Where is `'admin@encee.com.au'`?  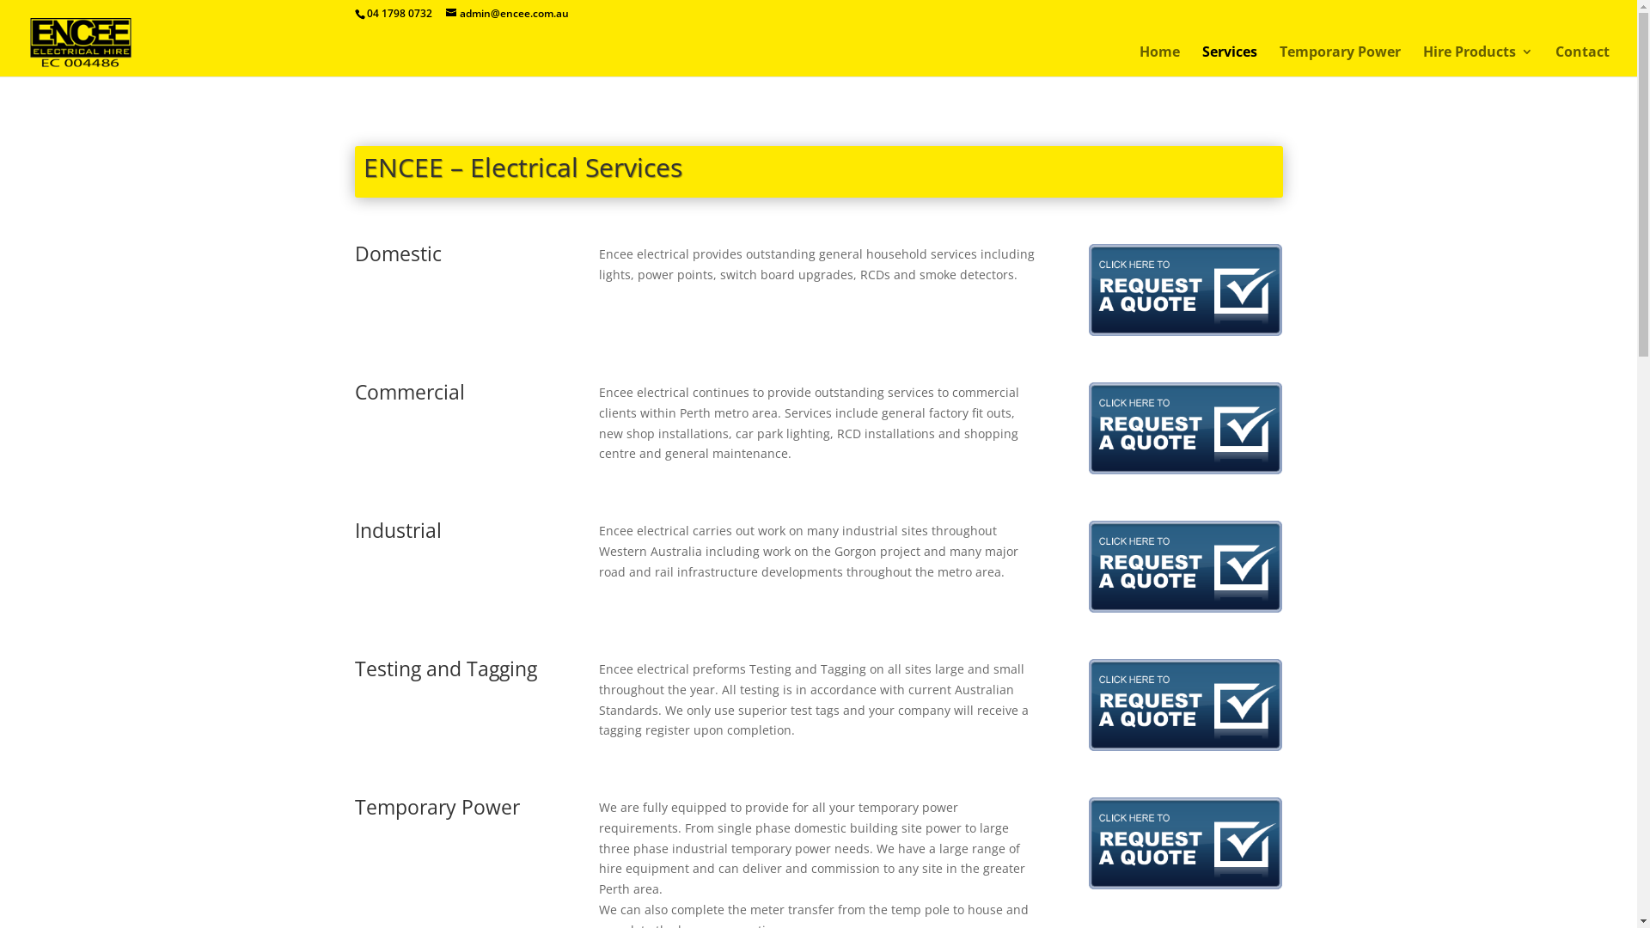 'admin@encee.com.au' is located at coordinates (445, 13).